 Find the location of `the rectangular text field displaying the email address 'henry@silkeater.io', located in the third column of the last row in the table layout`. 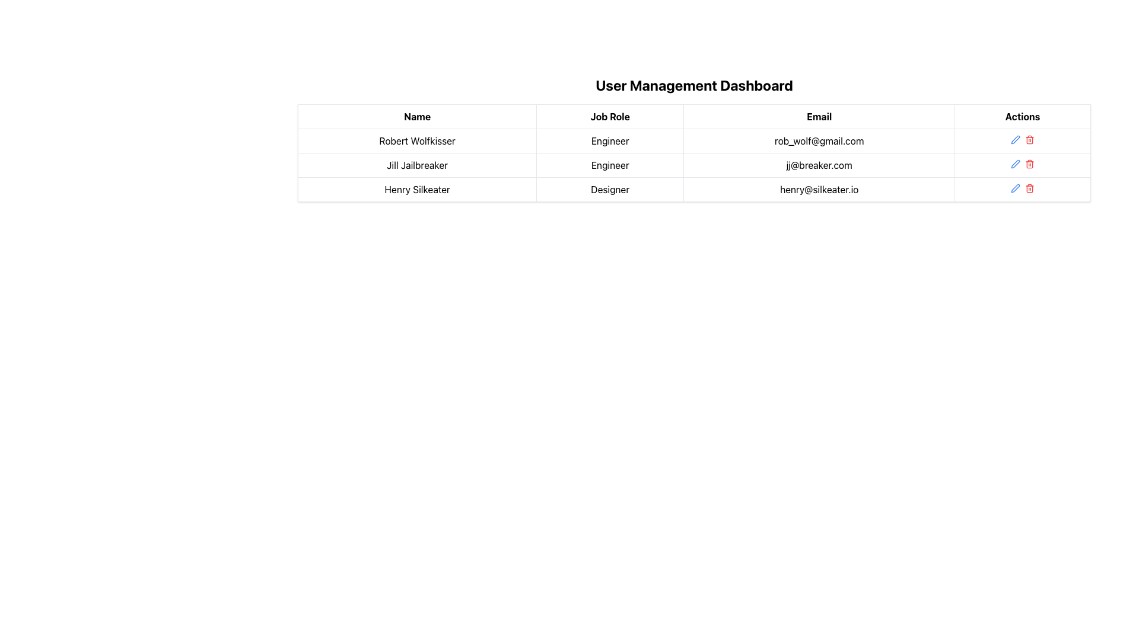

the rectangular text field displaying the email address 'henry@silkeater.io', located in the third column of the last row in the table layout is located at coordinates (819, 189).